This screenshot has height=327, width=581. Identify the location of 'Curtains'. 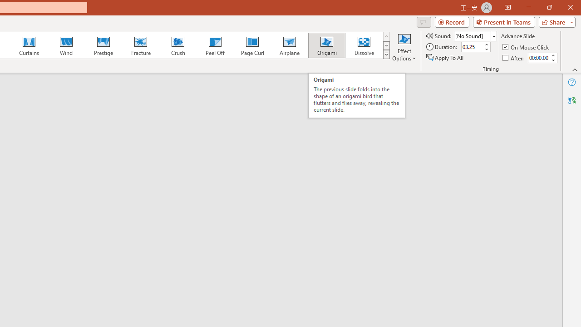
(29, 45).